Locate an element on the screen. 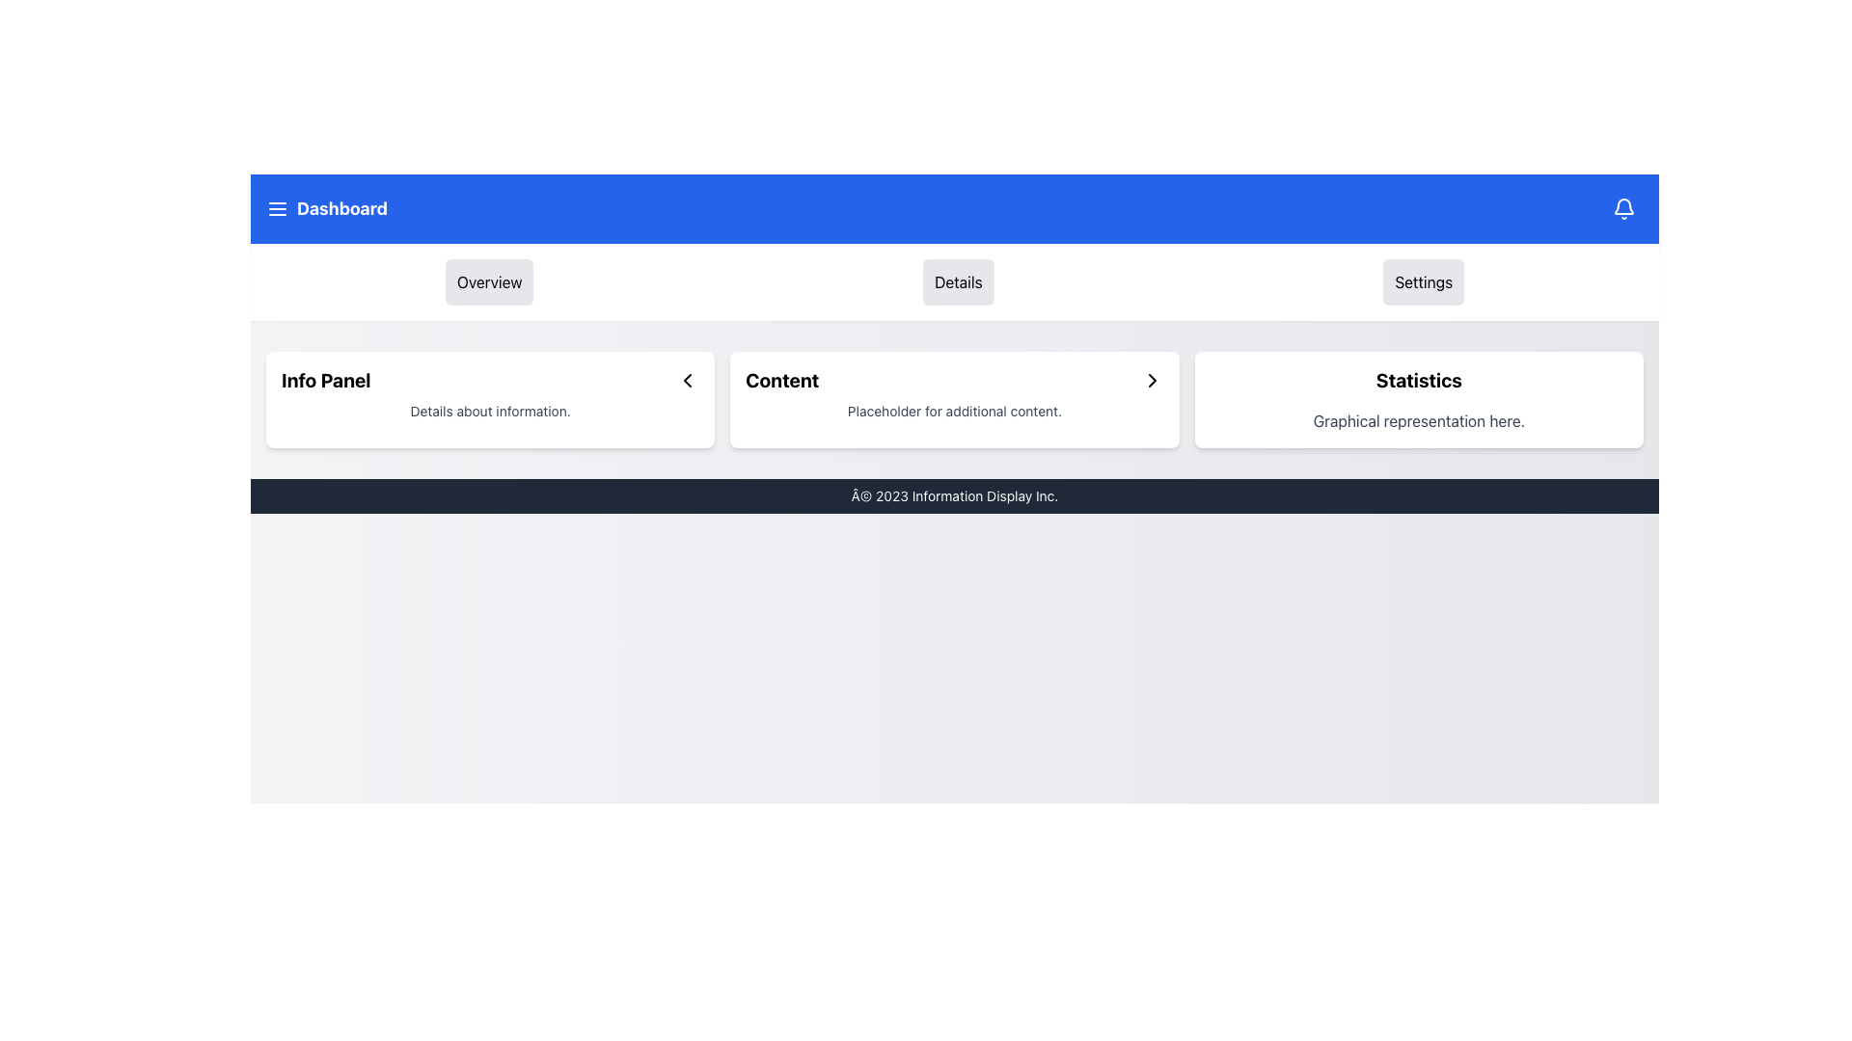 This screenshot has height=1041, width=1852. content displayed in the white panel titled 'Content' with additional text below on a light grey background, located in the center of the view below the blue navigation bar is located at coordinates (954, 399).